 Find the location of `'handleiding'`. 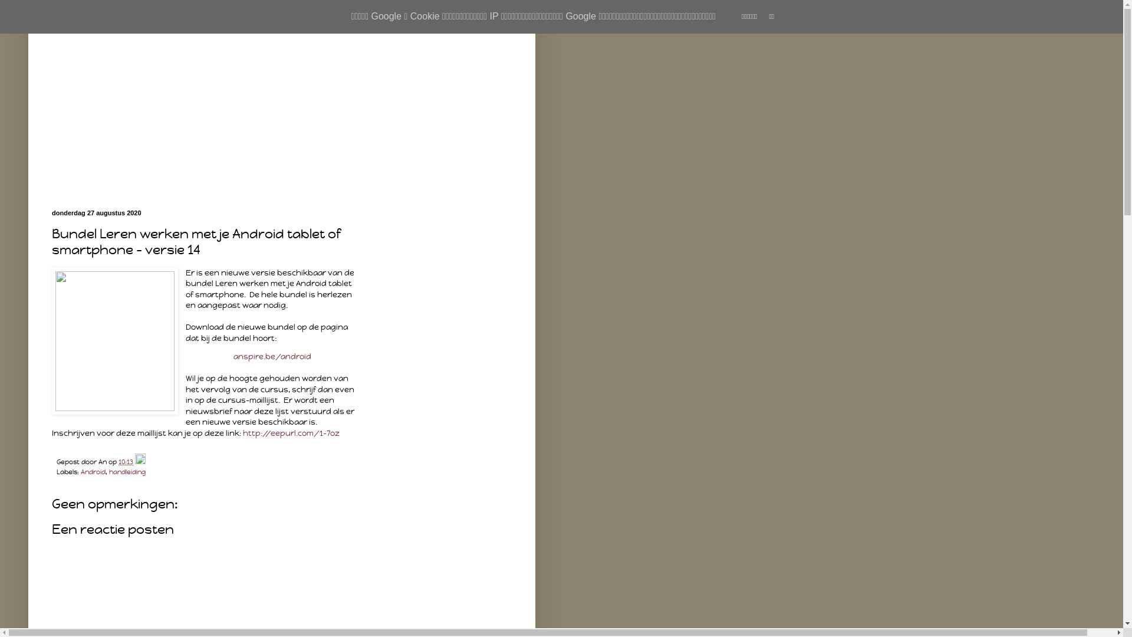

'handleiding' is located at coordinates (109, 471).